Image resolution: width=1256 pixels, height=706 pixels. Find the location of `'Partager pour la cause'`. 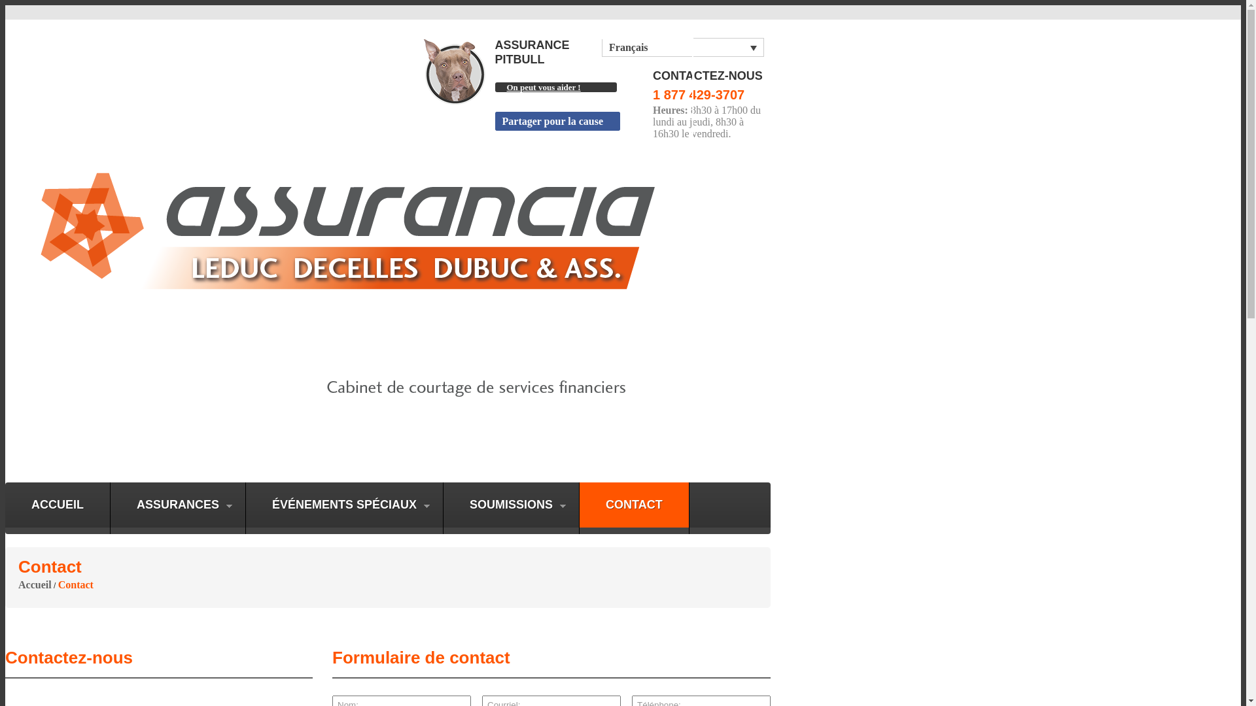

'Partager pour la cause' is located at coordinates (557, 121).